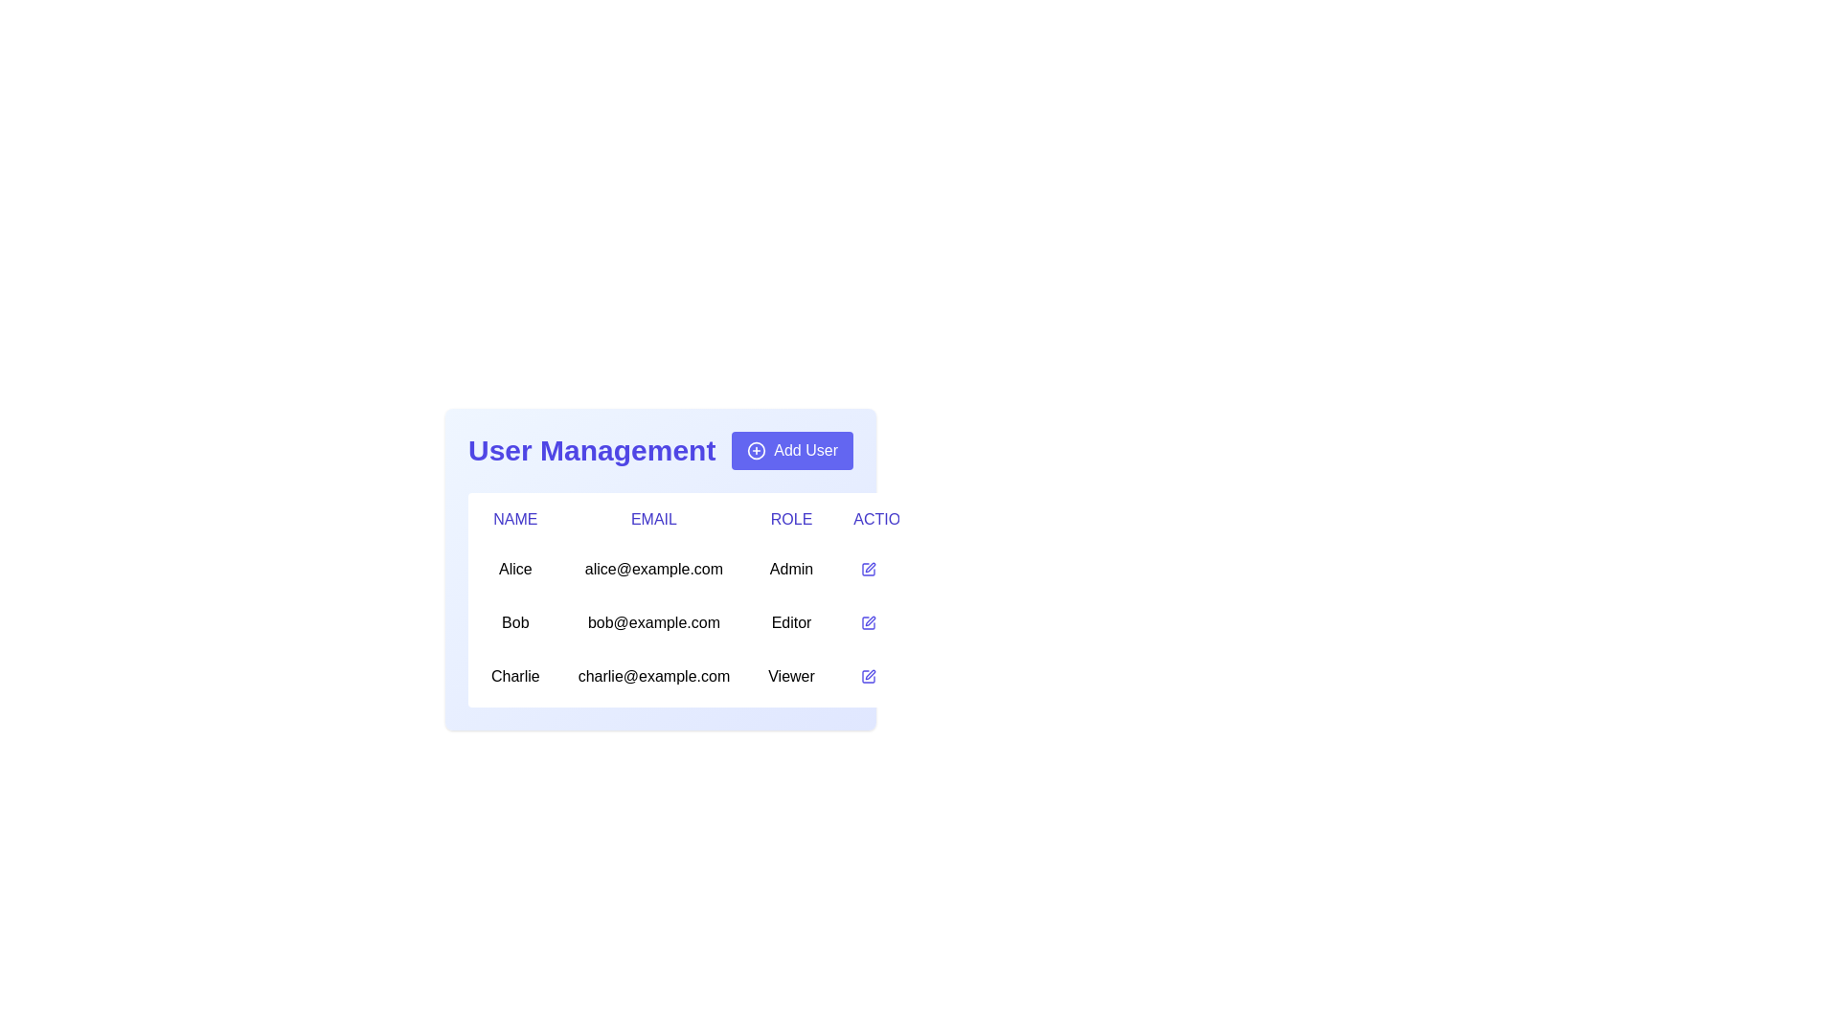 The image size is (1839, 1034). I want to click on the label displaying 'Viewer' in black, located in the third row under the 'ROLE' column, adjacent to the email 'charlie@example.com', so click(791, 675).